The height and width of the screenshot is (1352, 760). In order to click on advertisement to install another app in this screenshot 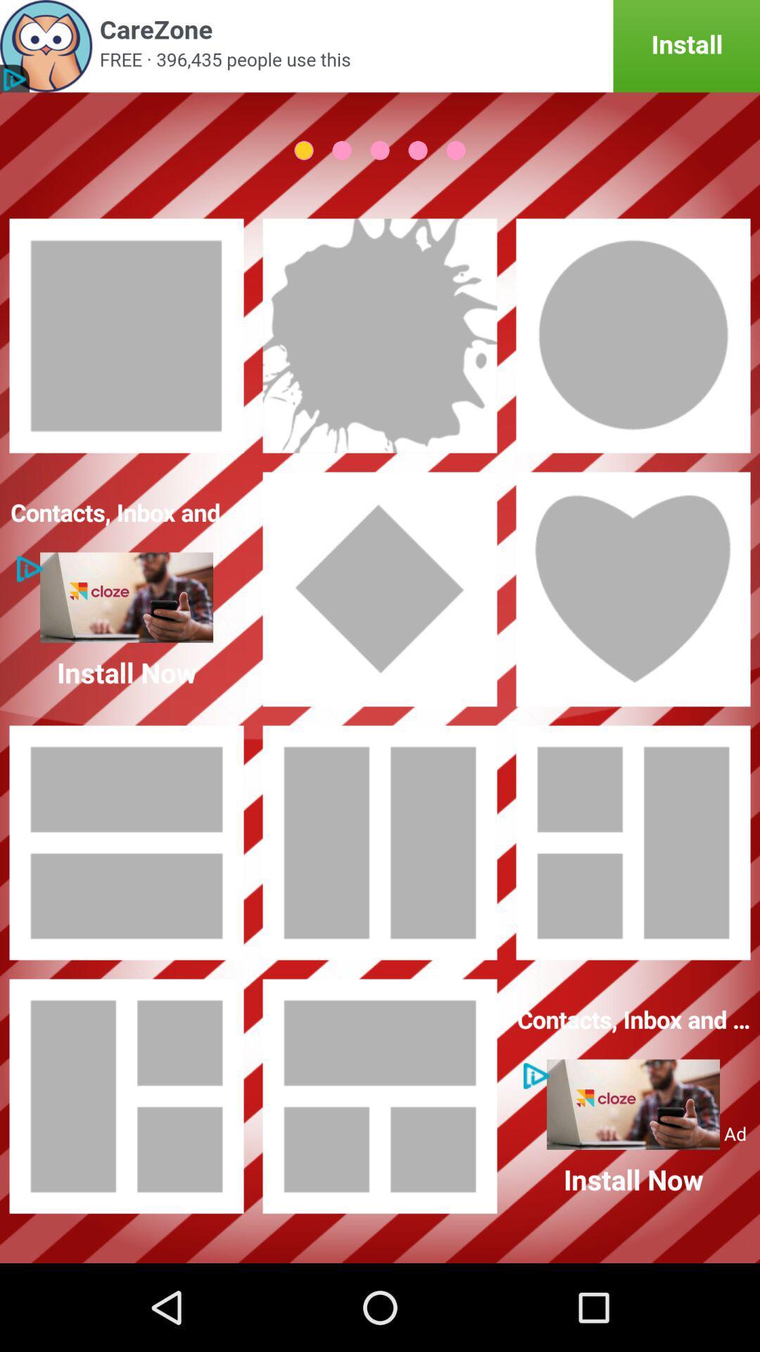, I will do `click(380, 46)`.